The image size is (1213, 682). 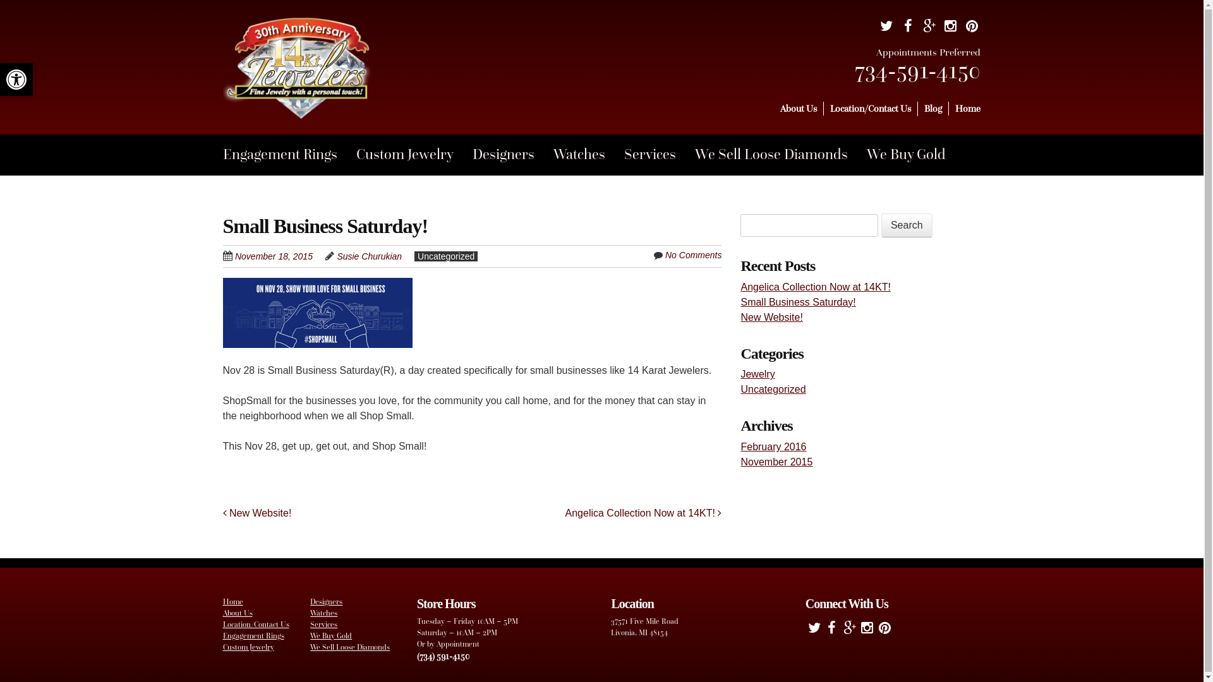 I want to click on 'Angelica Collection Now at 14KT!', so click(x=740, y=287).